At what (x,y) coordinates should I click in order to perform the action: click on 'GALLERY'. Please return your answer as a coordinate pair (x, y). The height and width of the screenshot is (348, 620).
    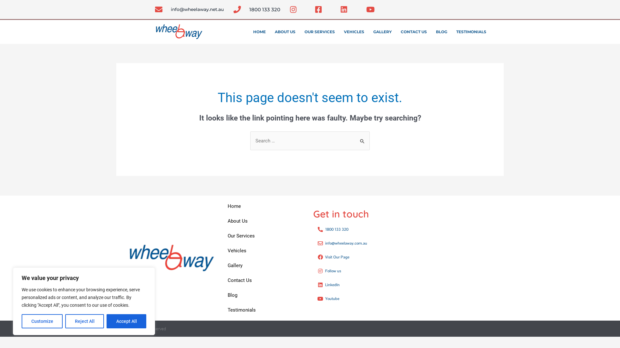
    Looking at the image, I should click on (382, 32).